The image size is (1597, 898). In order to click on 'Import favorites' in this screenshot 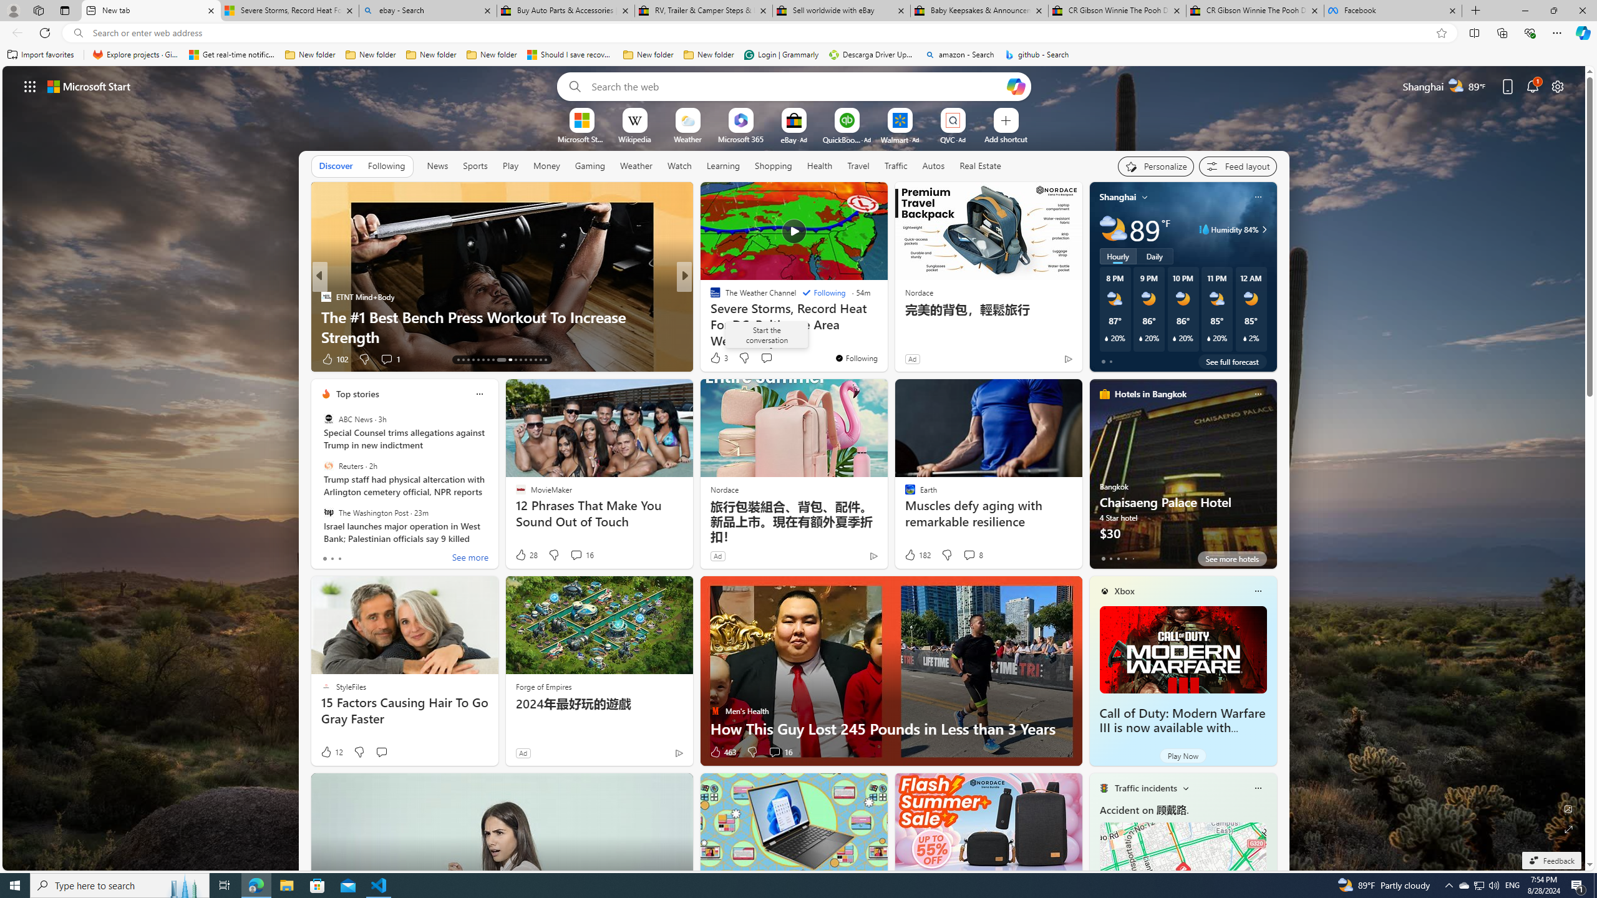, I will do `click(41, 54)`.